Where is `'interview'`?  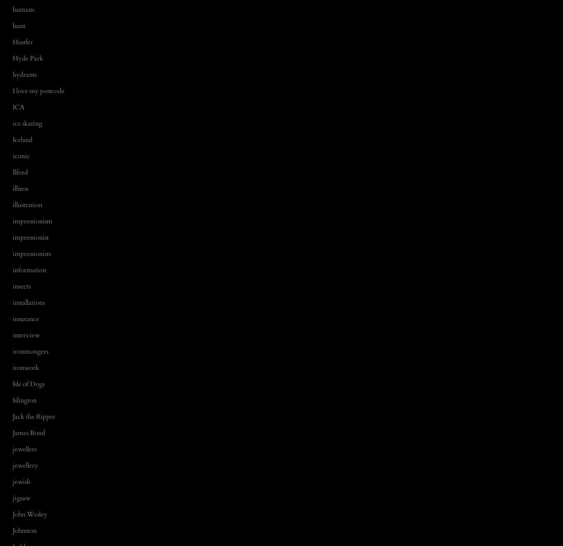 'interview' is located at coordinates (25, 334).